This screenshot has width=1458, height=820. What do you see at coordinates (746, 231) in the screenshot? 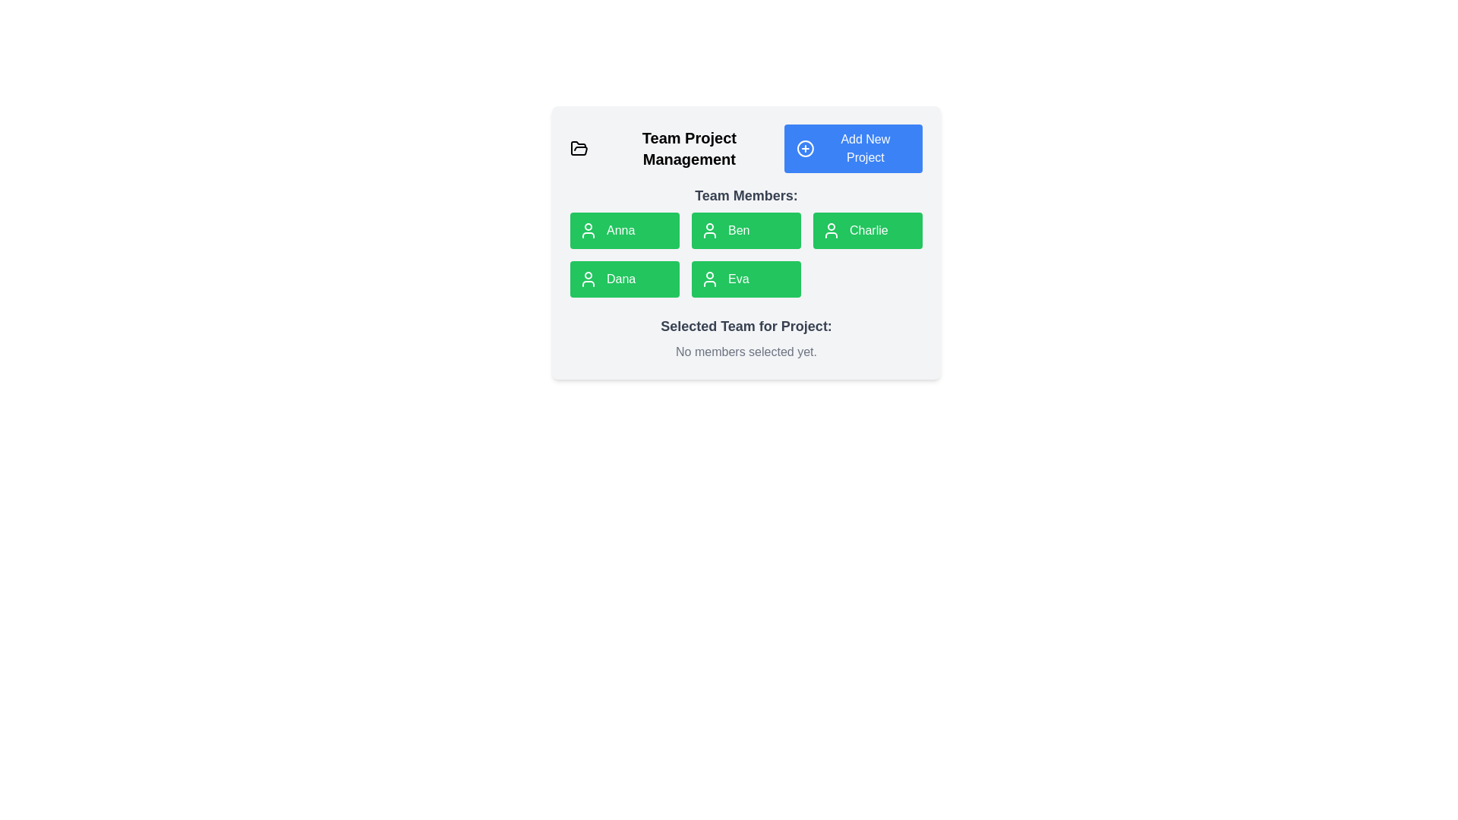
I see `the green button labeled 'Ben' with a user icon on its left` at bounding box center [746, 231].